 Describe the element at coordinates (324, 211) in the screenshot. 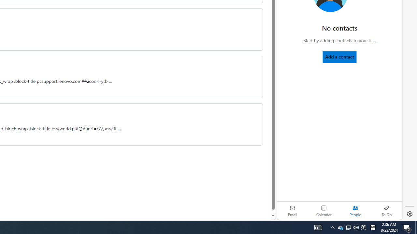

I see `'Calendar. Date today is 22'` at that location.